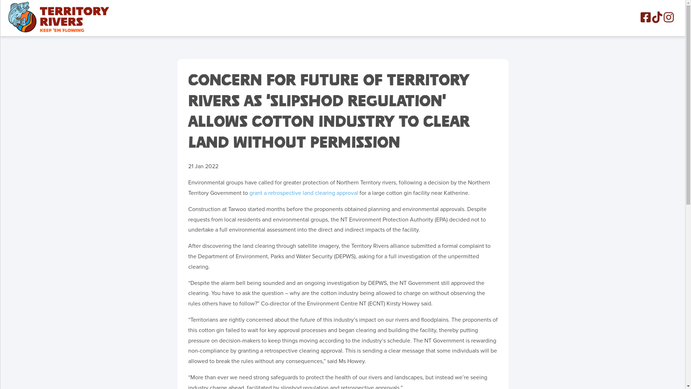 This screenshot has height=389, width=691. What do you see at coordinates (652, 19) in the screenshot?
I see `'Find us on TikTok'` at bounding box center [652, 19].